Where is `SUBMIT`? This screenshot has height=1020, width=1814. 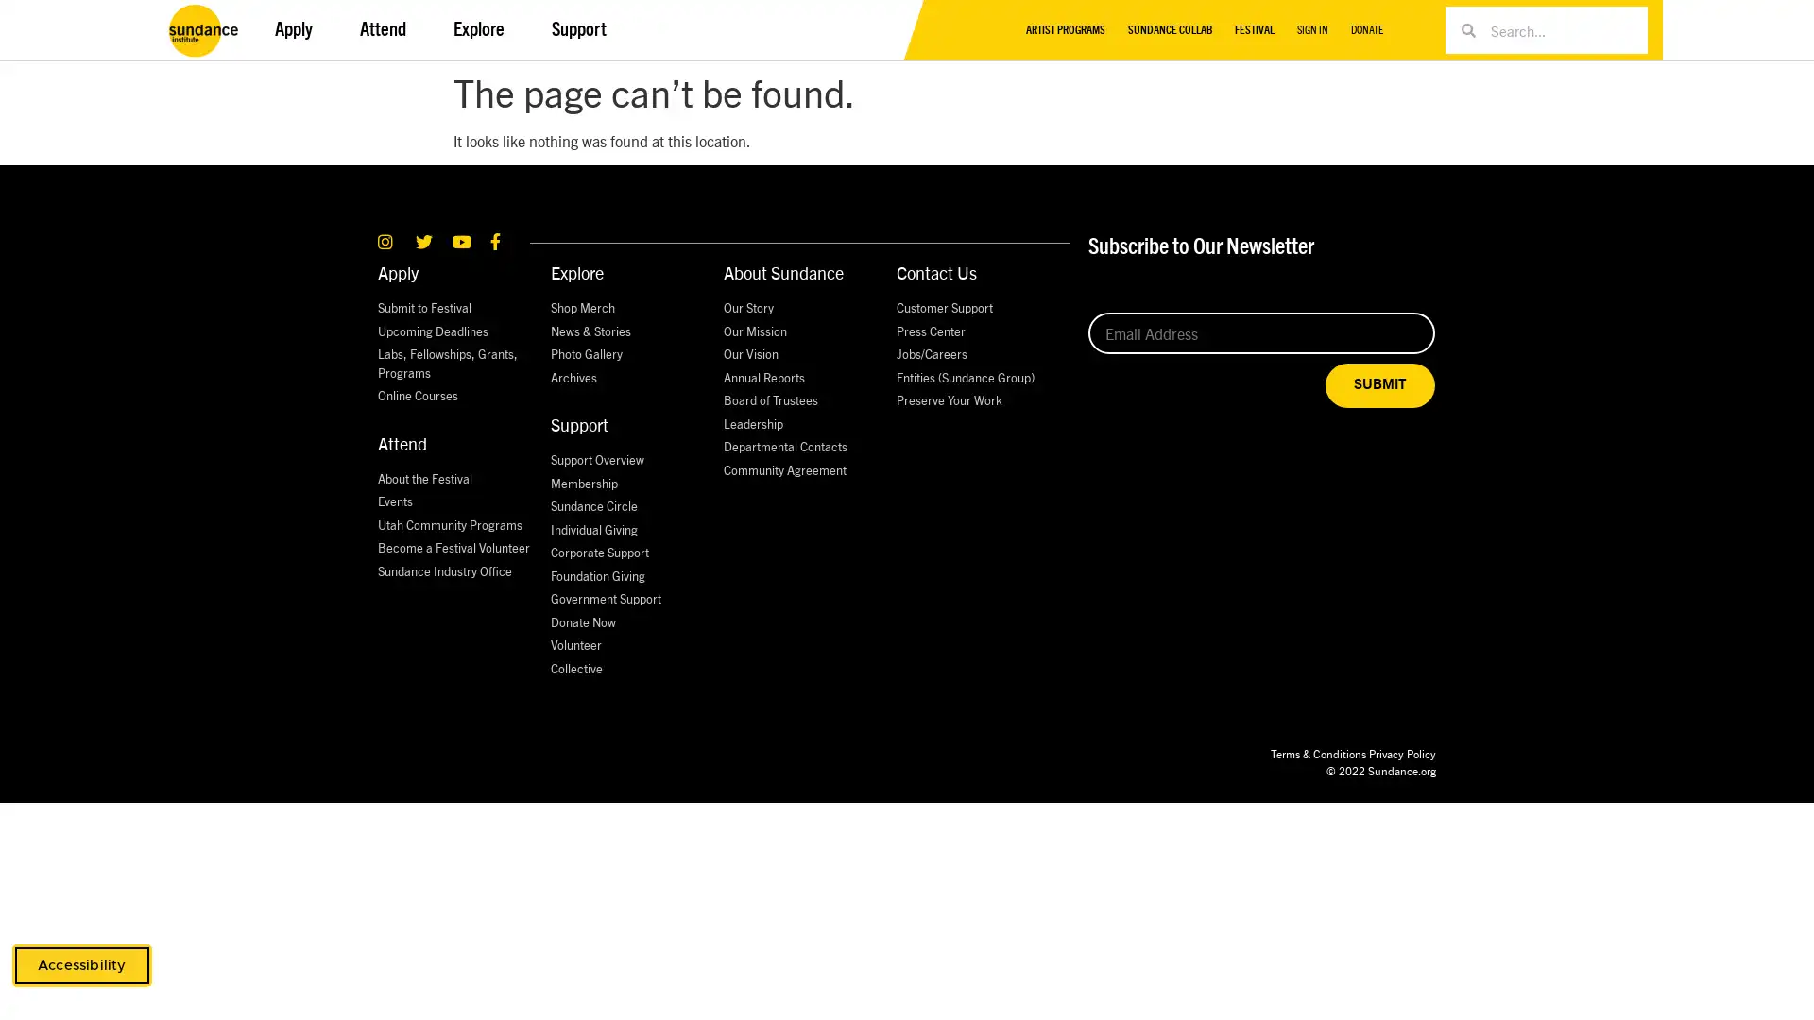
SUBMIT is located at coordinates (1379, 384).